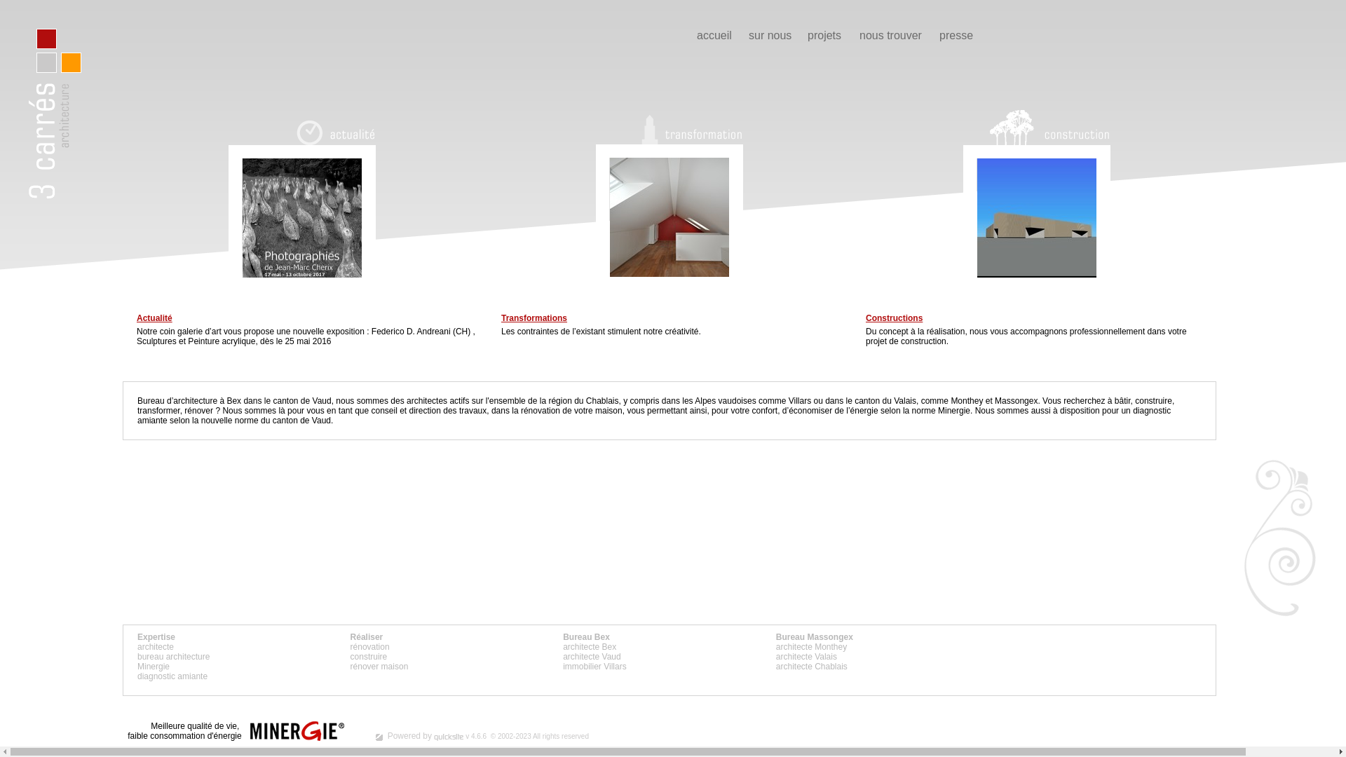 The width and height of the screenshot is (1346, 757). I want to click on 'Transformations', so click(533, 318).